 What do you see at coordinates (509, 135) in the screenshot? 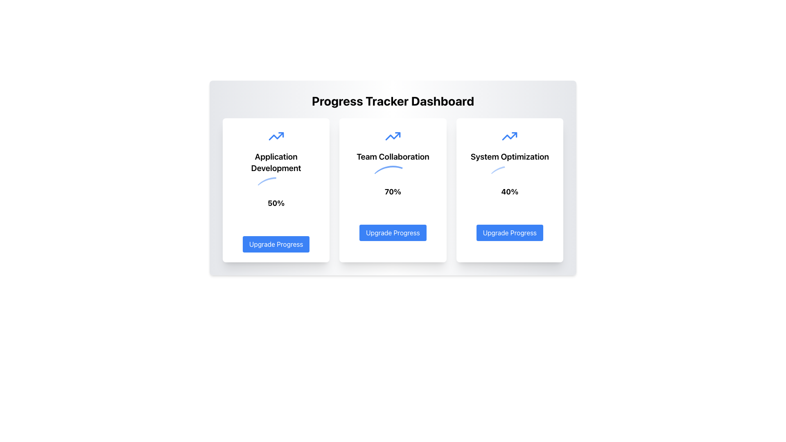
I see `the progress icon representing 'System Optimization' functionality, located in the upper section of the rightmost card on the dashboard` at bounding box center [509, 135].